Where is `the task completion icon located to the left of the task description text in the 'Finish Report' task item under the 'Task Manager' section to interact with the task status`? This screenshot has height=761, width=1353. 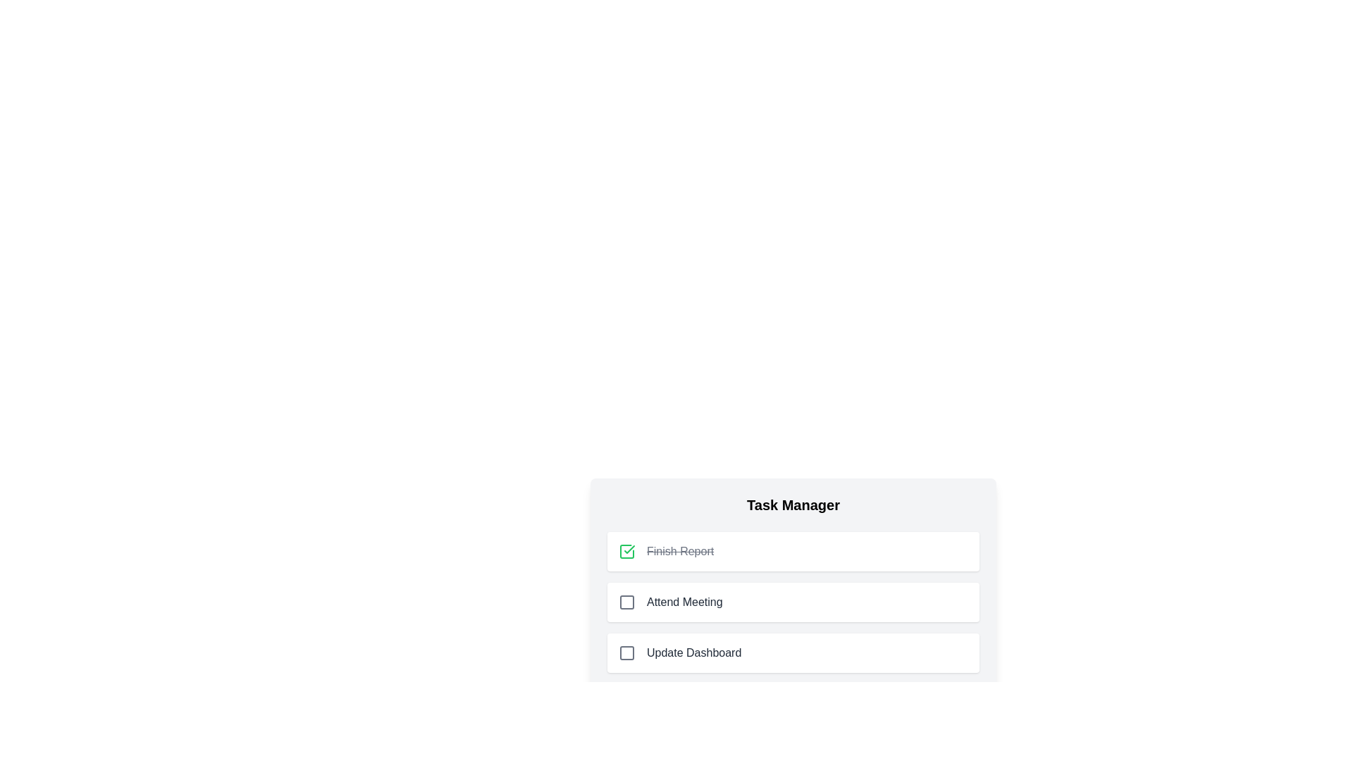
the task completion icon located to the left of the task description text in the 'Finish Report' task item under the 'Task Manager' section to interact with the task status is located at coordinates (629, 548).